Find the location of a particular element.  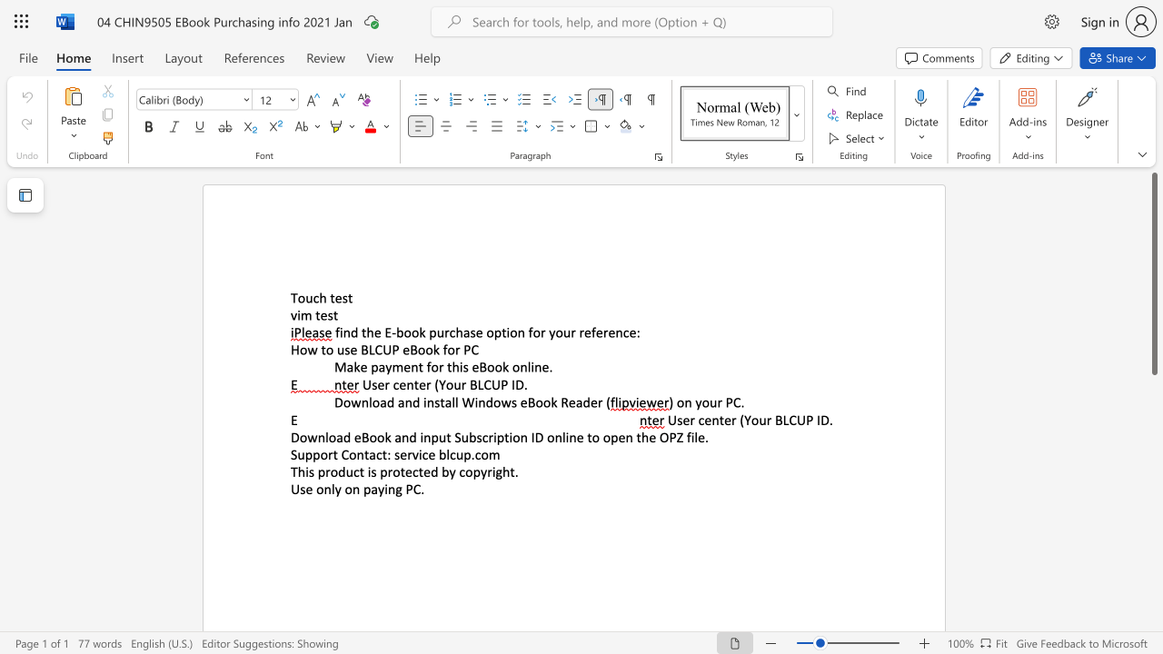

the space between the continuous character "c" and "h" in the text is located at coordinates (319, 297).